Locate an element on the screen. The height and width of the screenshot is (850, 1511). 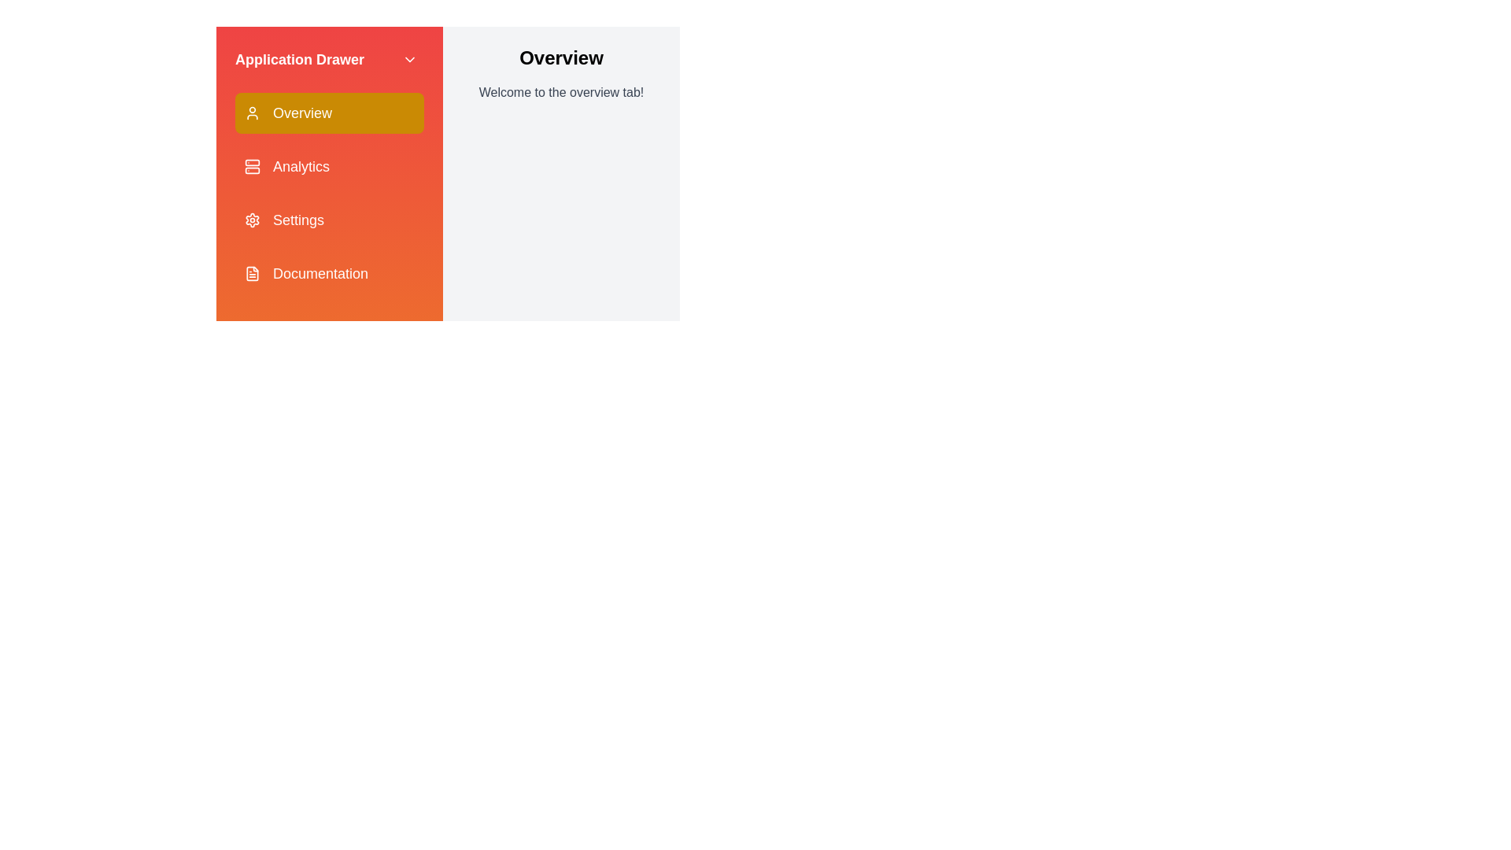
the tab labeled Analytics in the drawer to select it is located at coordinates (328, 167).